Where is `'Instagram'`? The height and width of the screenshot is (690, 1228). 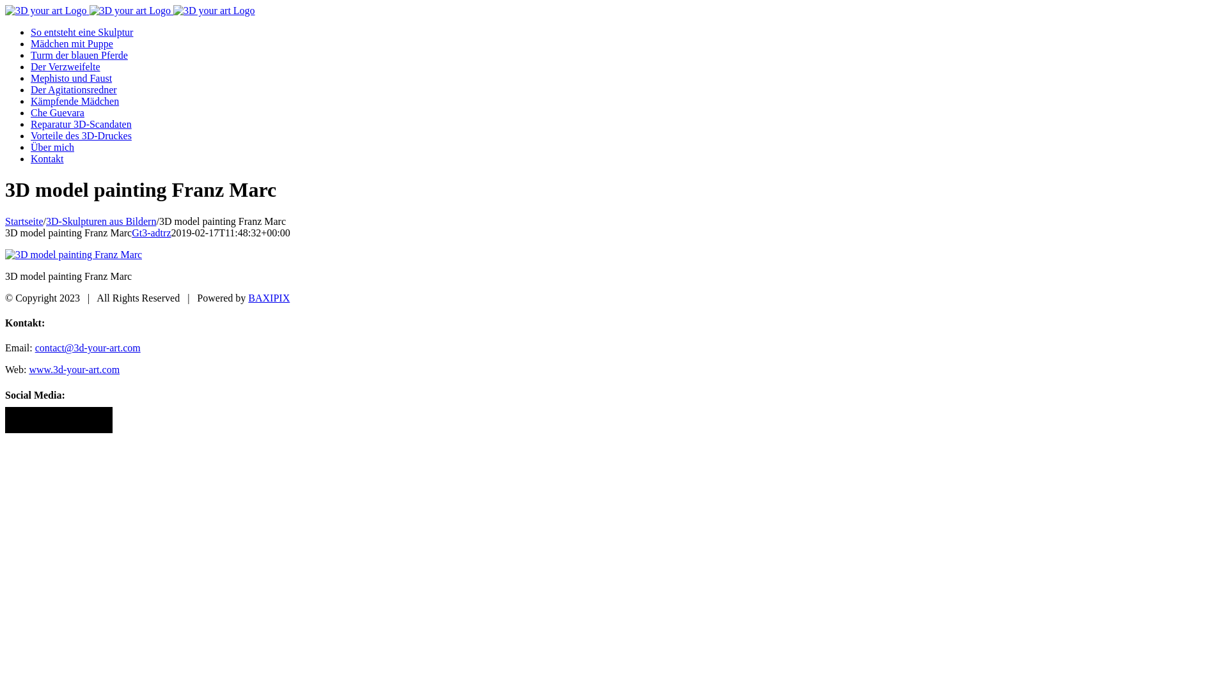 'Instagram' is located at coordinates (28, 420).